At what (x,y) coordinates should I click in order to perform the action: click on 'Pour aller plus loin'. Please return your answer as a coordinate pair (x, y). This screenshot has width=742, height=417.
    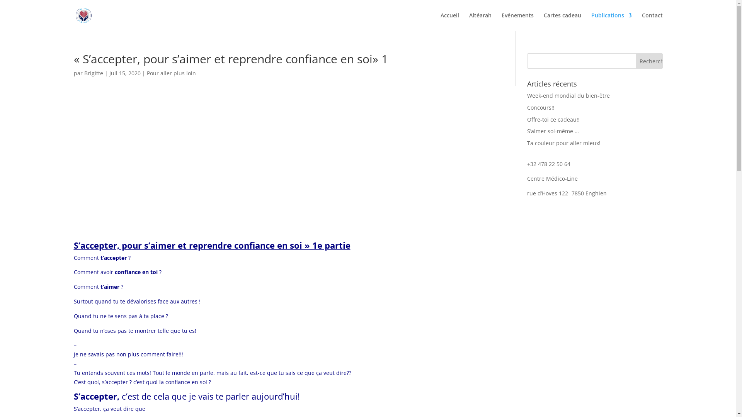
    Looking at the image, I should click on (146, 73).